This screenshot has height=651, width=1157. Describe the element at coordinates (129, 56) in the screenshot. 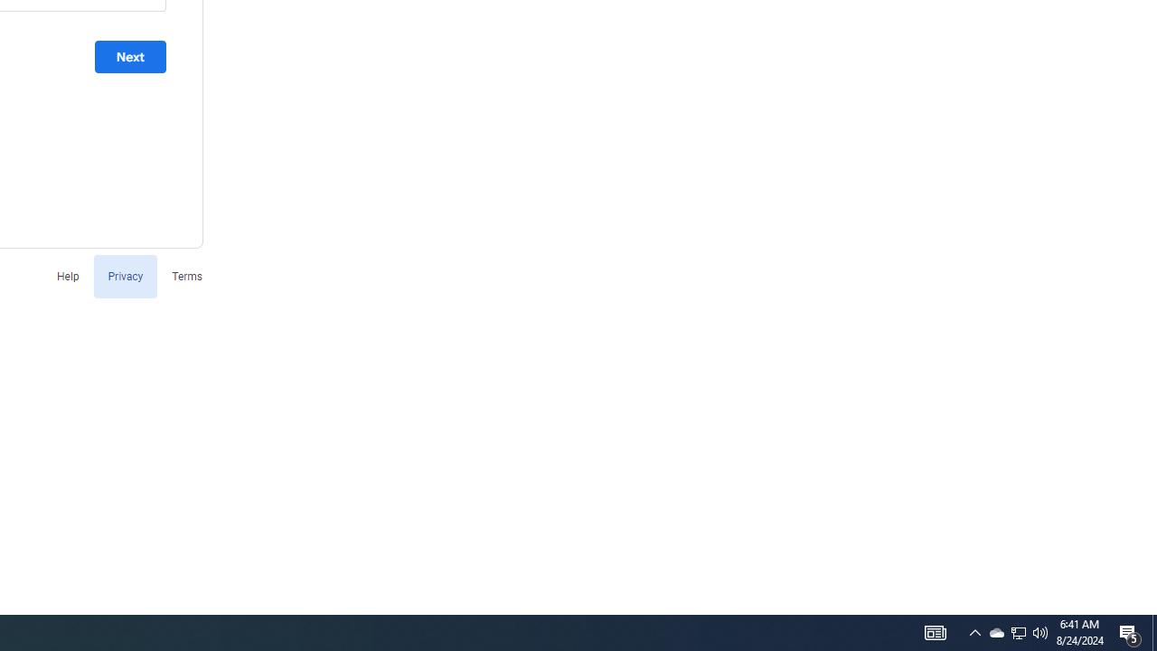

I see `'Next'` at that location.